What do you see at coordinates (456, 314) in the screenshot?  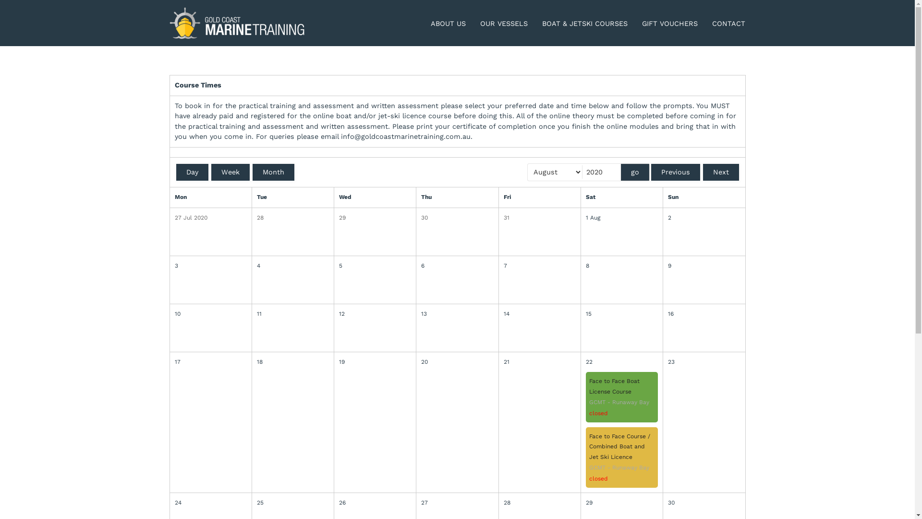 I see `'13'` at bounding box center [456, 314].